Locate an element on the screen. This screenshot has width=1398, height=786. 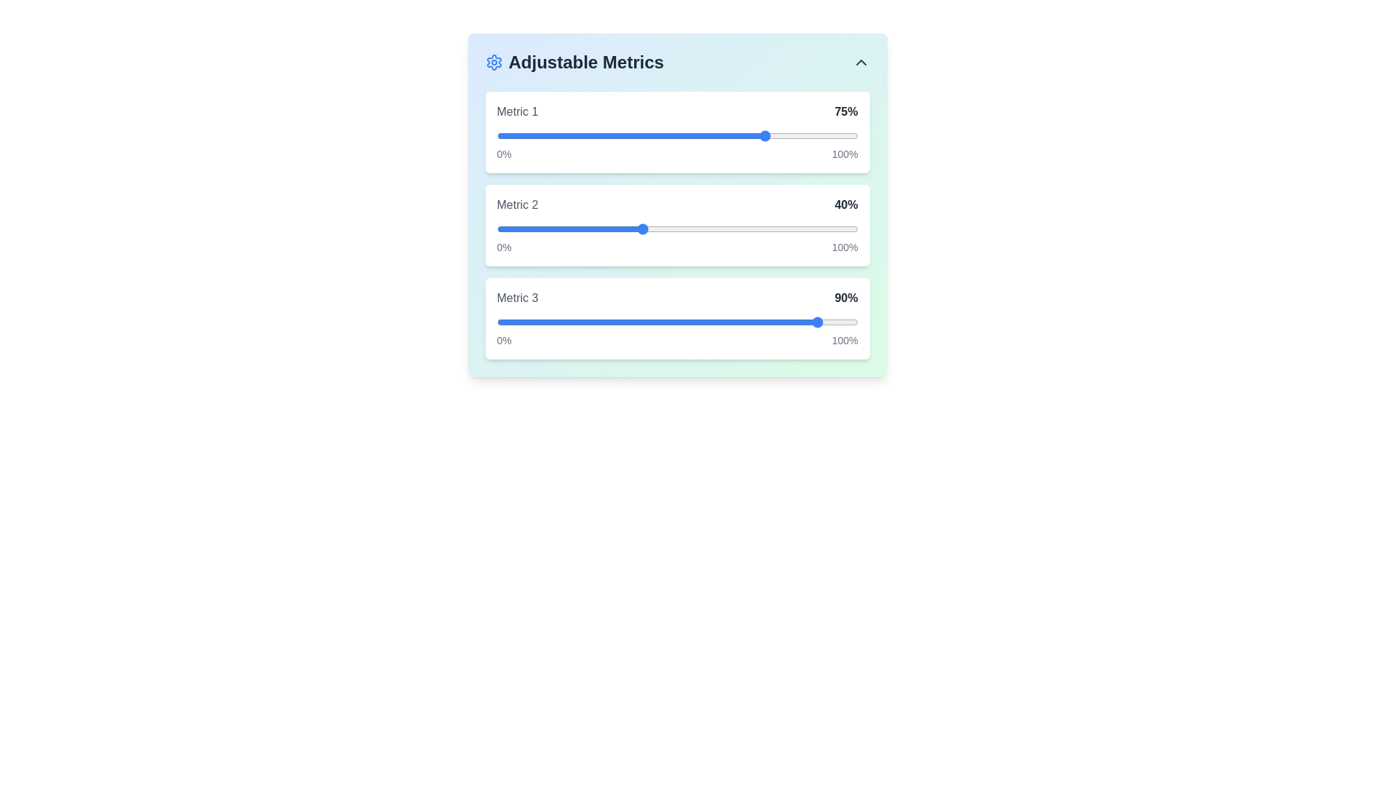
the Metric 2 slider is located at coordinates (591, 229).